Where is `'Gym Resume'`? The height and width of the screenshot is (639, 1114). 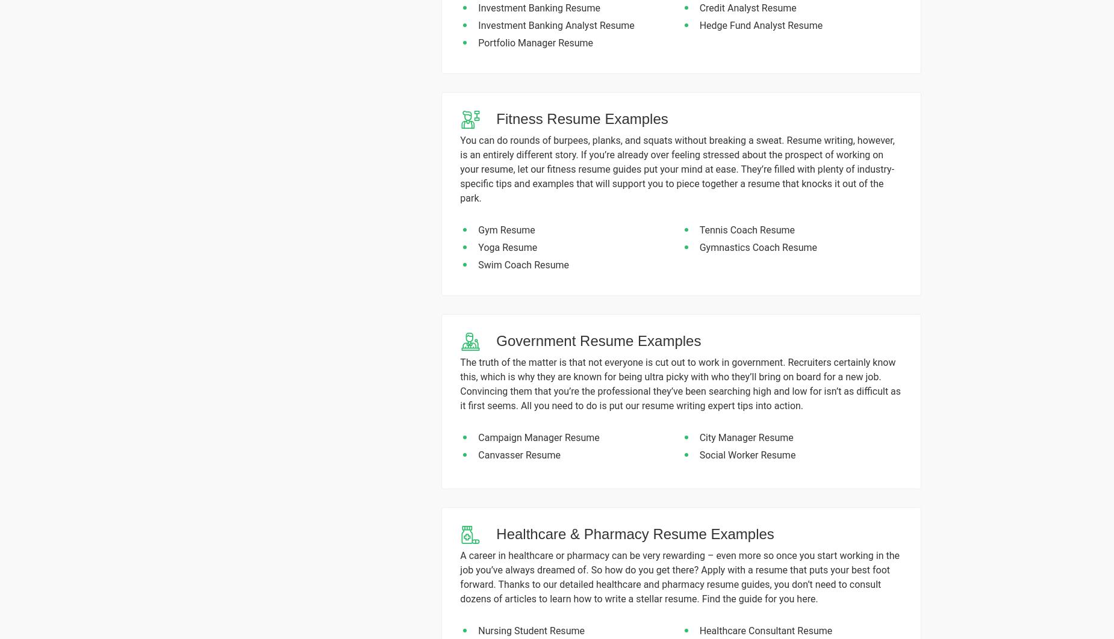
'Gym Resume' is located at coordinates (506, 229).